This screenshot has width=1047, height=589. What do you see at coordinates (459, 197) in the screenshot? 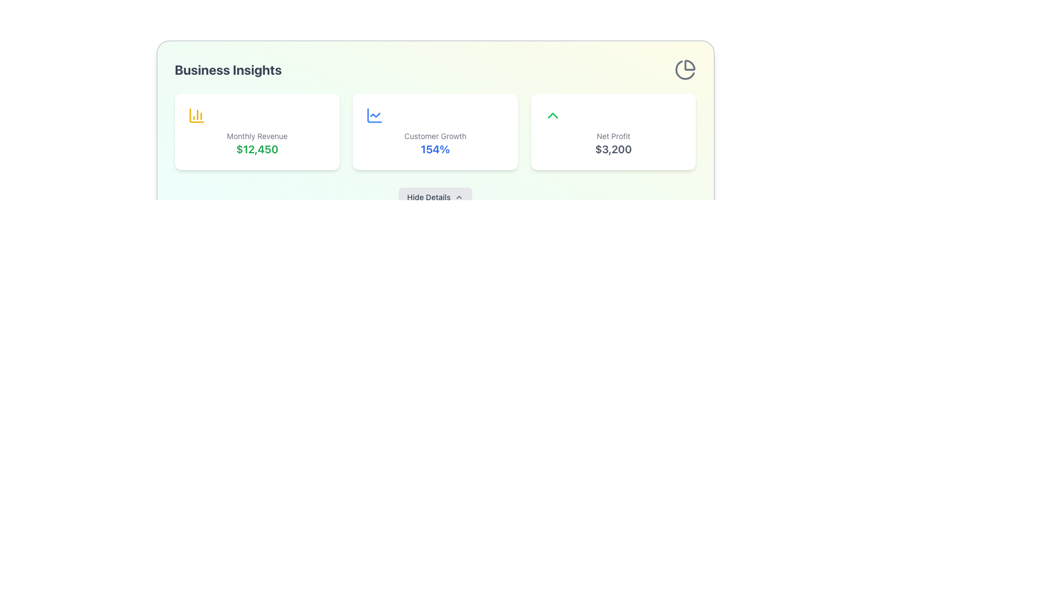
I see `the icon located to the right of the 'Hide Details' button, which indicates the action to hide or collapse content` at bounding box center [459, 197].